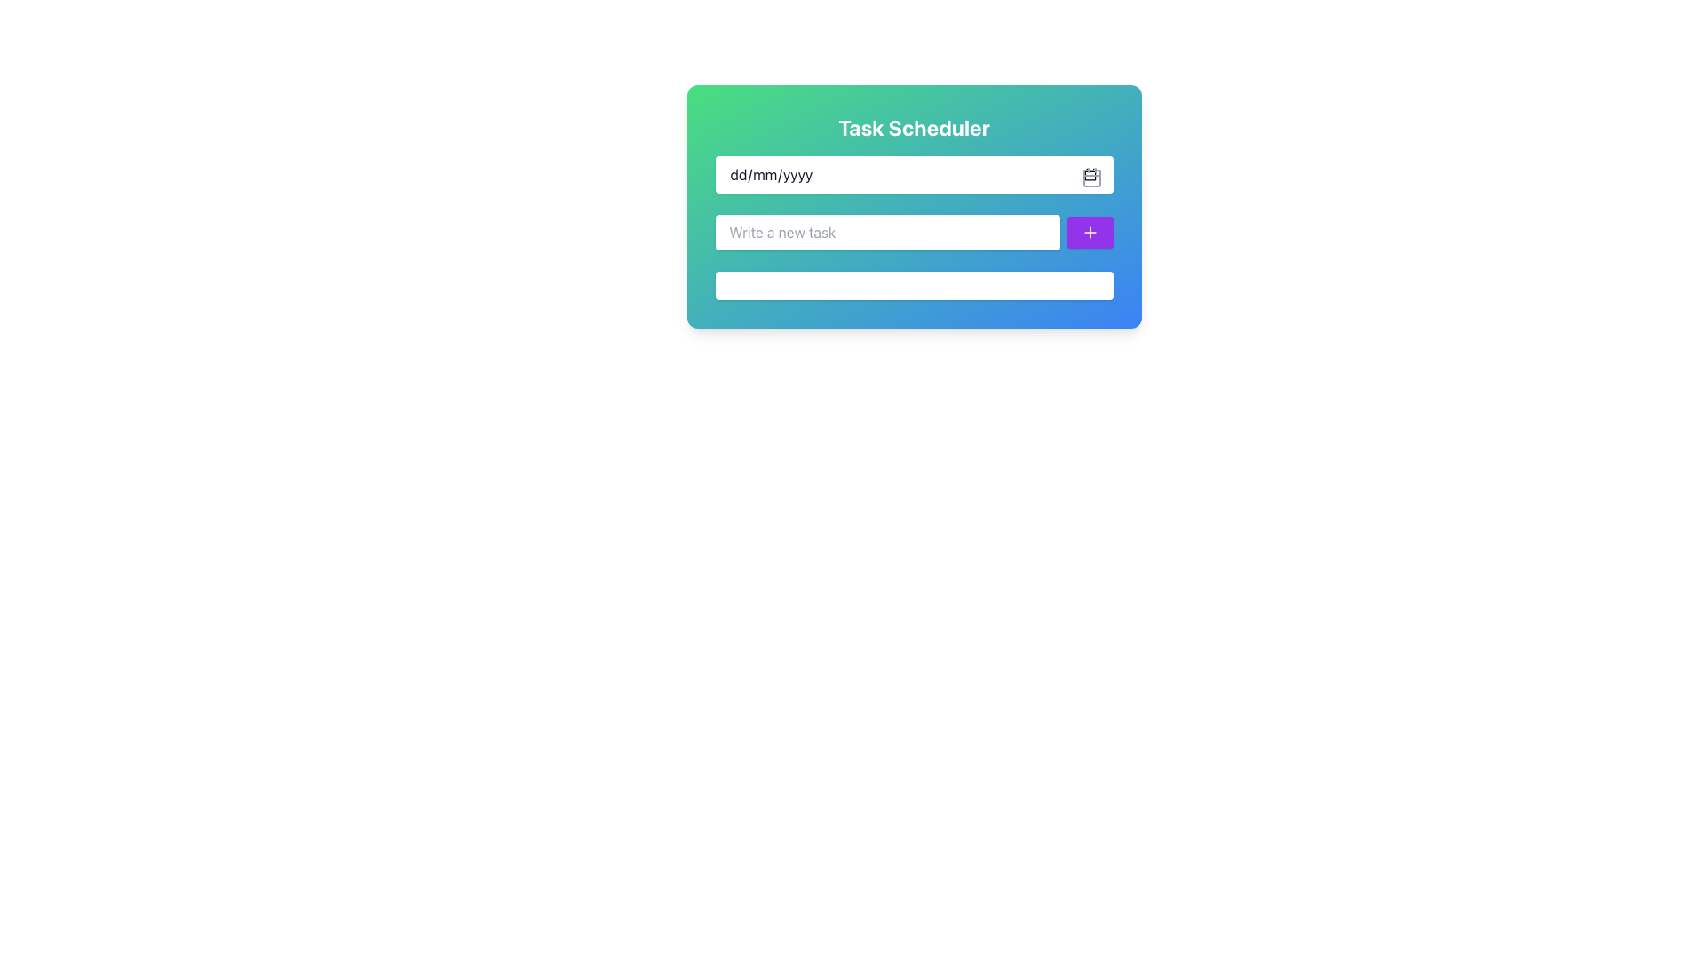 The height and width of the screenshot is (959, 1705). Describe the element at coordinates (1090, 178) in the screenshot. I see `the date selection icon located at the top-right corner of the date entry input field` at that location.